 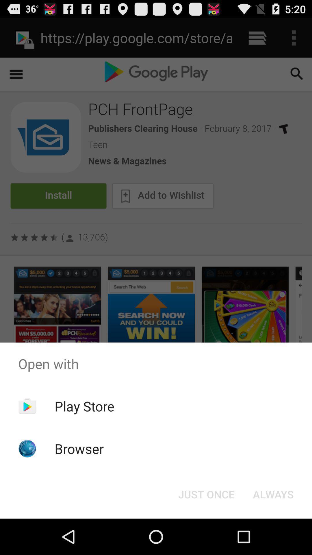 What do you see at coordinates (273, 494) in the screenshot?
I see `the icon below the open with item` at bounding box center [273, 494].